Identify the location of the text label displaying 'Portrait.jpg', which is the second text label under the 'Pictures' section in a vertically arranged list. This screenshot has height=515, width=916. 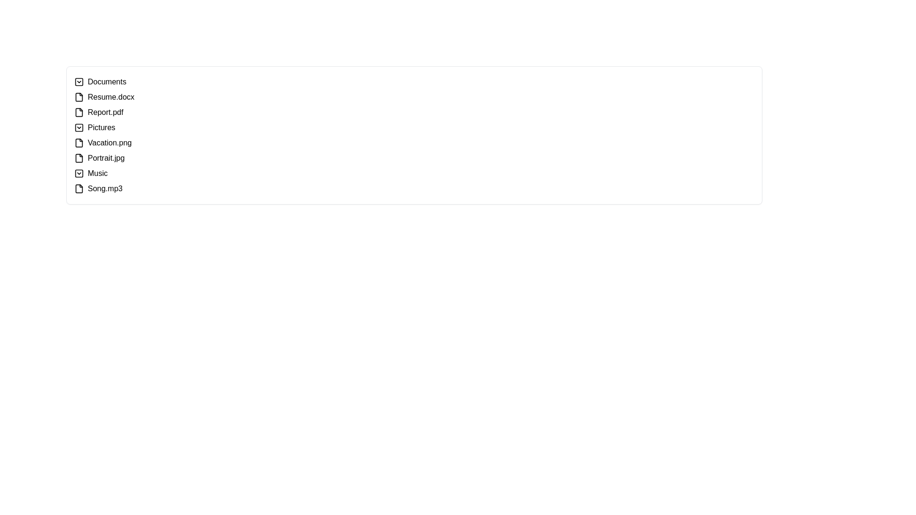
(106, 157).